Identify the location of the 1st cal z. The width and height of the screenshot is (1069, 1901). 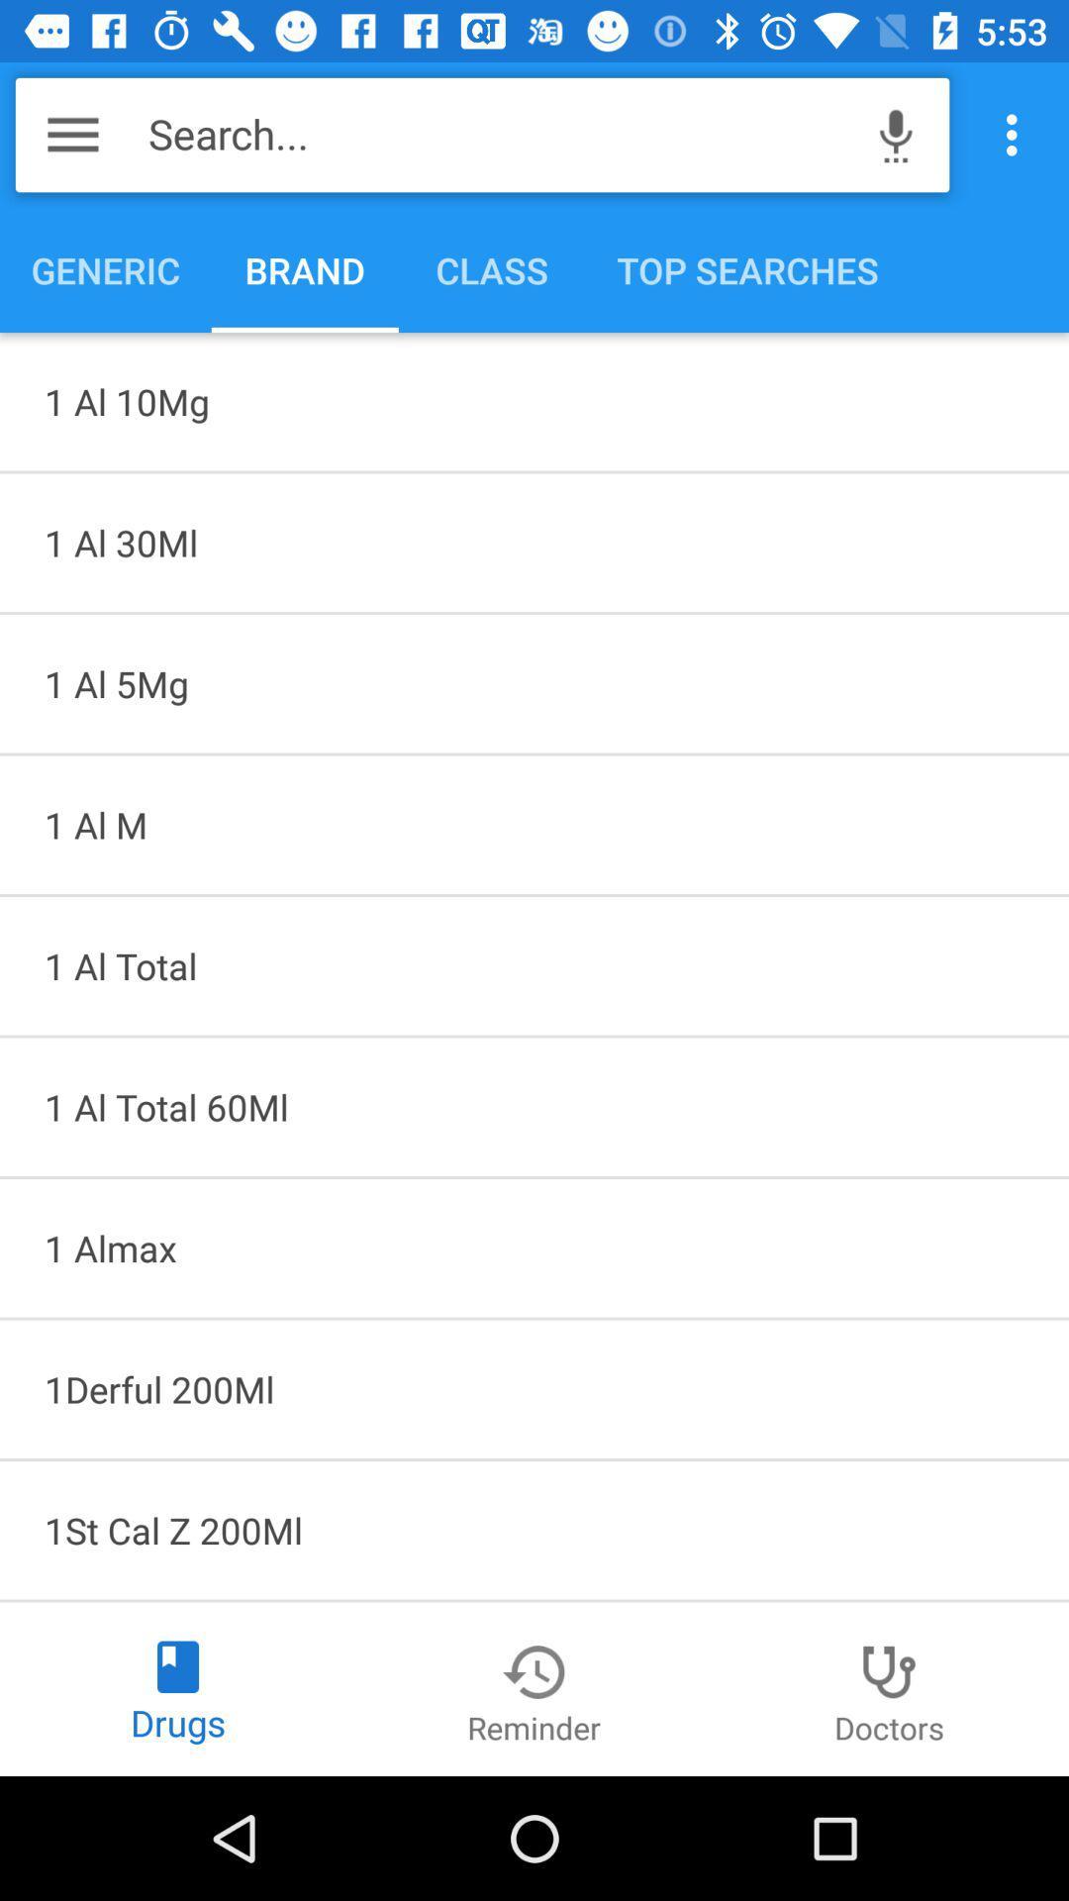
(534, 1529).